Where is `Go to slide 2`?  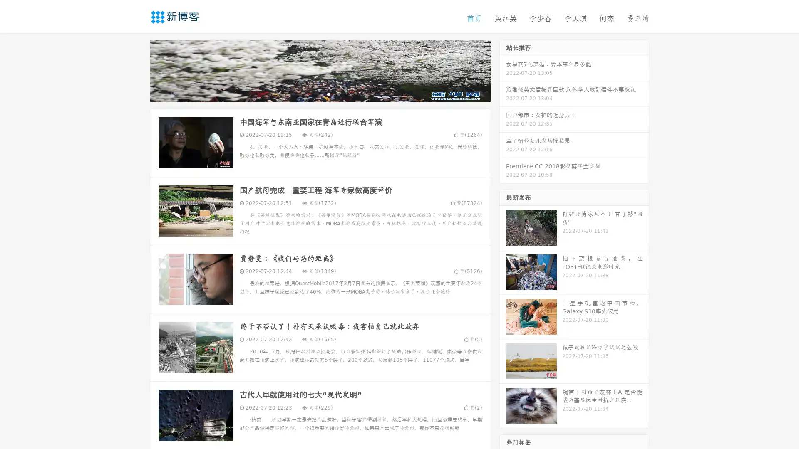 Go to slide 2 is located at coordinates (320, 94).